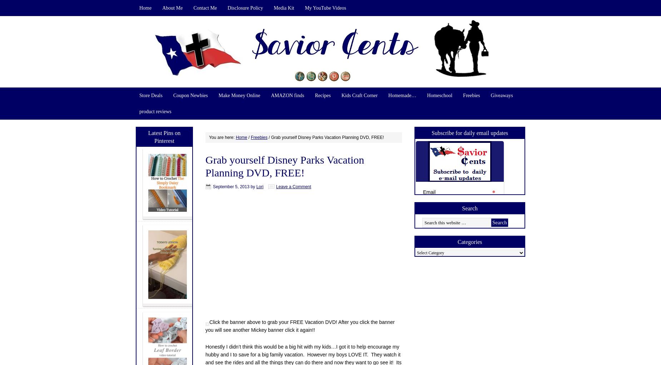  I want to click on 'Freebies', so click(259, 137).